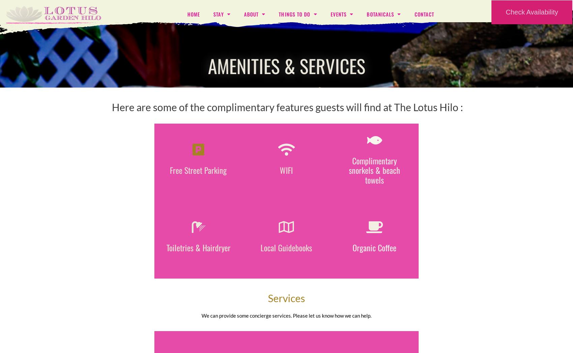 The height and width of the screenshot is (353, 573). I want to click on 'Local Guidebooks', so click(286, 247).